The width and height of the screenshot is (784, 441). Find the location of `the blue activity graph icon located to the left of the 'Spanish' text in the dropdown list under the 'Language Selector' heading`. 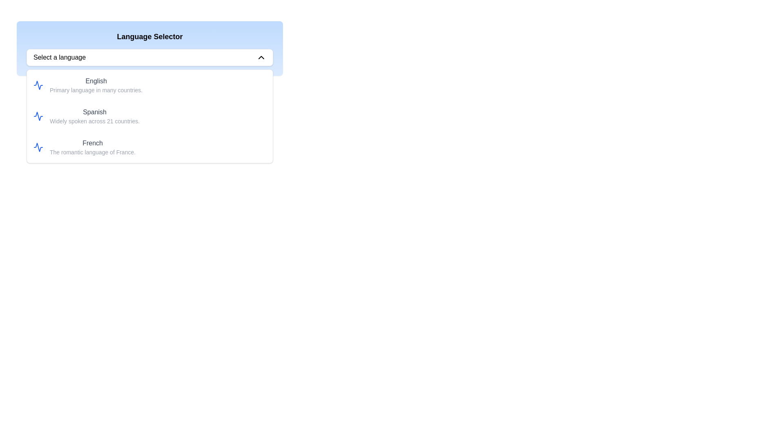

the blue activity graph icon located to the left of the 'Spanish' text in the dropdown list under the 'Language Selector' heading is located at coordinates (38, 116).